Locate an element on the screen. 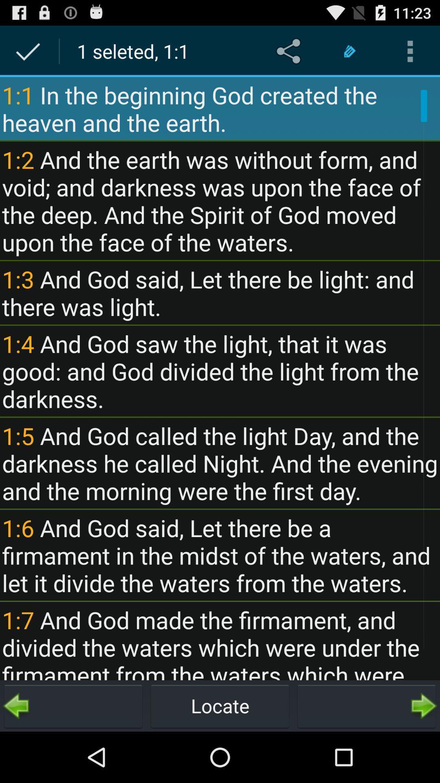  icon at the bottom right corner is located at coordinates (366, 706).